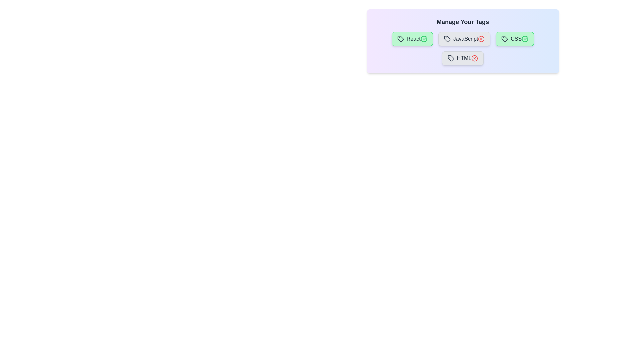  What do you see at coordinates (514, 39) in the screenshot?
I see `the tag labeled CSS` at bounding box center [514, 39].